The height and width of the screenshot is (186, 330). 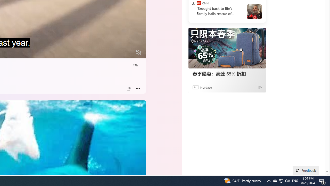 I want to click on 'CNN', so click(x=198, y=3).